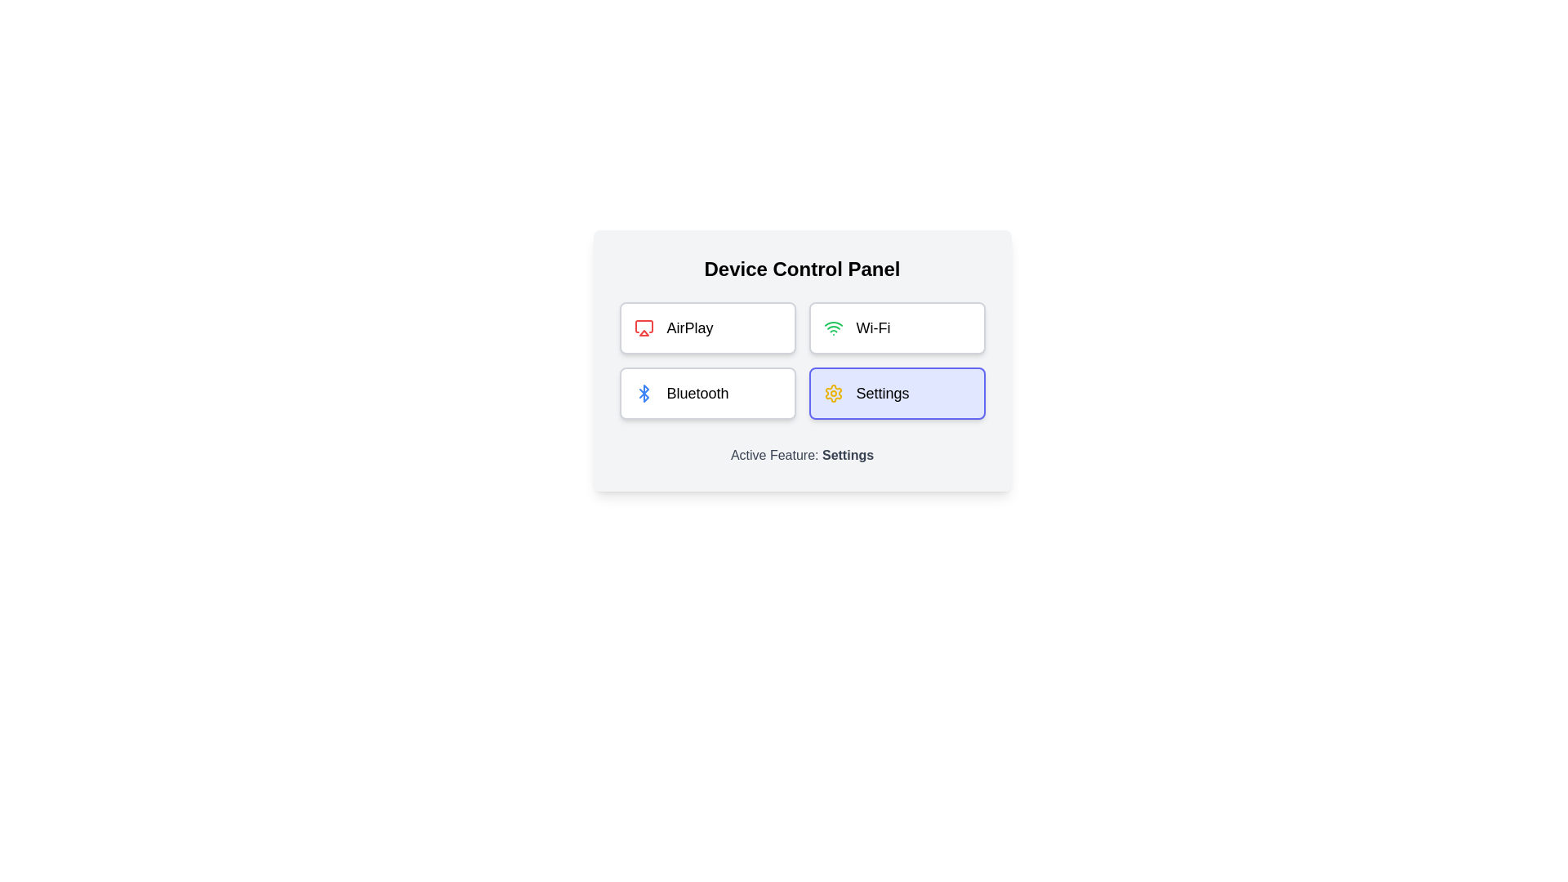  Describe the element at coordinates (896, 327) in the screenshot. I see `the button corresponding to the feature Wi-Fi` at that location.